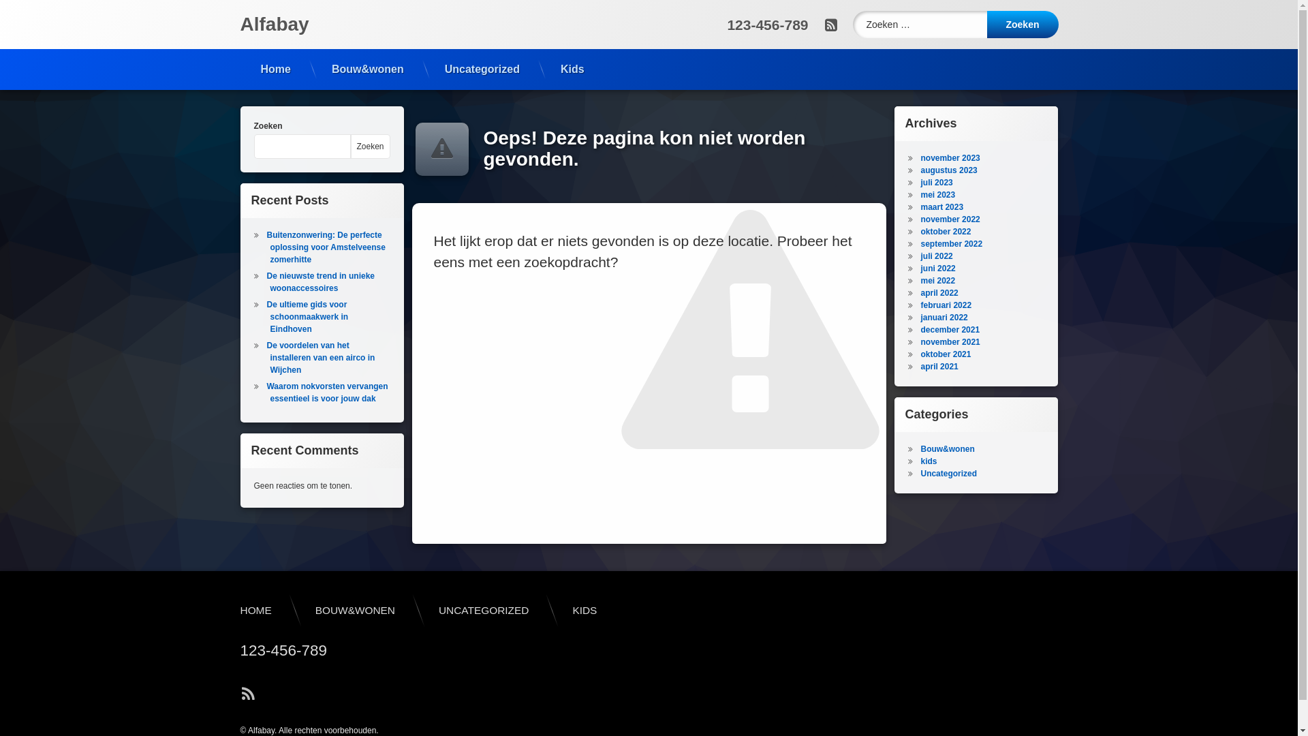 This screenshot has width=1308, height=736. I want to click on 'RSS', so click(248, 694).